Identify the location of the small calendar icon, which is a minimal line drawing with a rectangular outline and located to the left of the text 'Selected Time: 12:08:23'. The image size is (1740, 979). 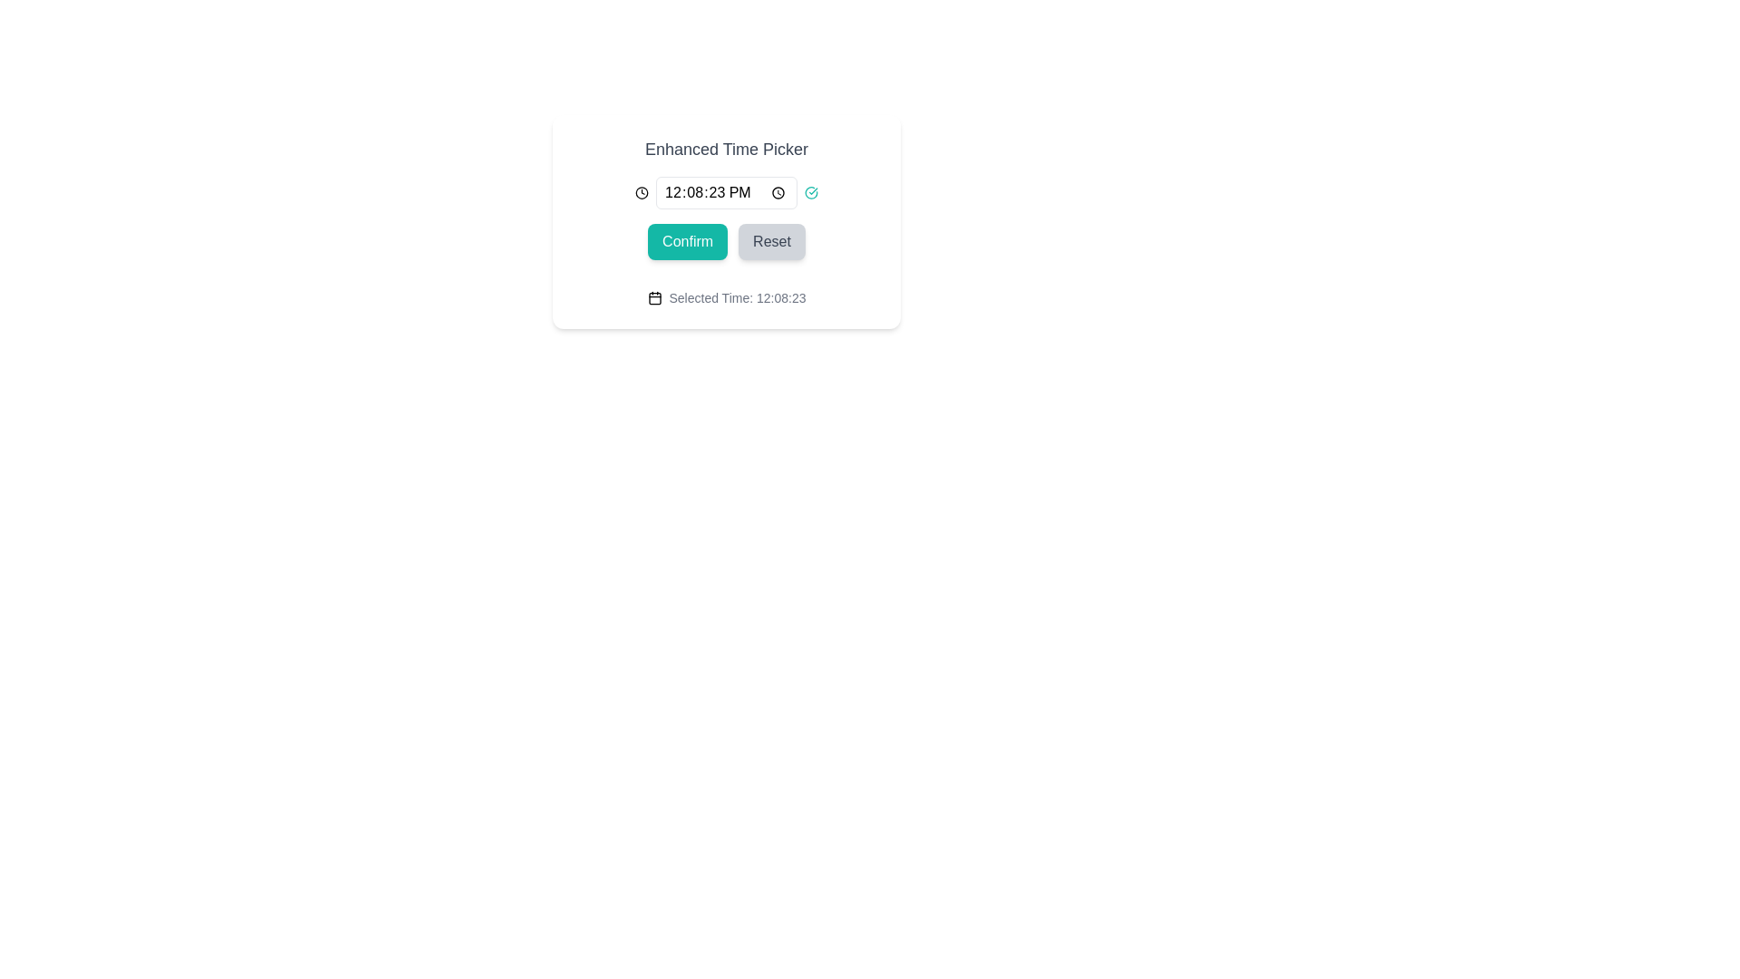
(653, 296).